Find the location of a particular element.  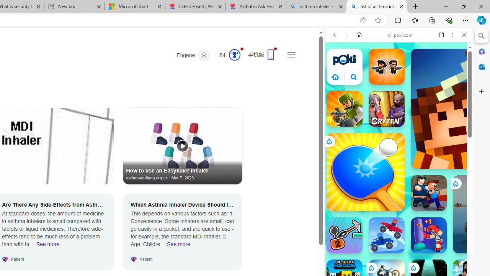

'Forward' is located at coordinates (346, 35).